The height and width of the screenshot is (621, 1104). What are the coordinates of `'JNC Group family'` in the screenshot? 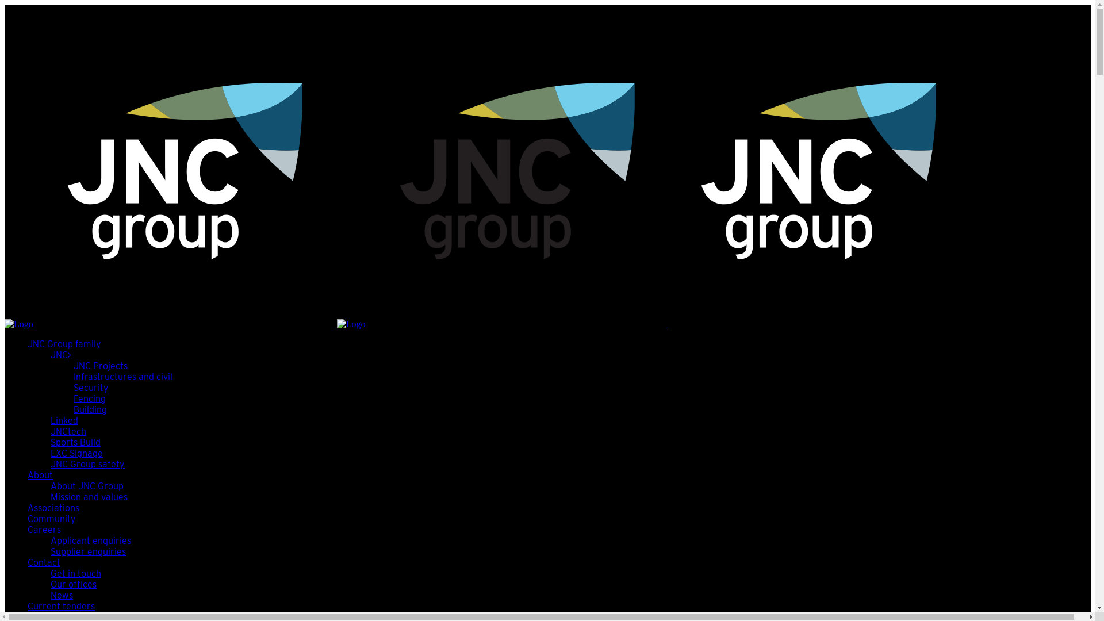 It's located at (63, 343).